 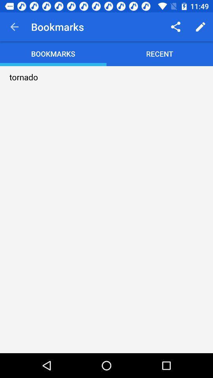 I want to click on item below bookmarks, so click(x=24, y=77).